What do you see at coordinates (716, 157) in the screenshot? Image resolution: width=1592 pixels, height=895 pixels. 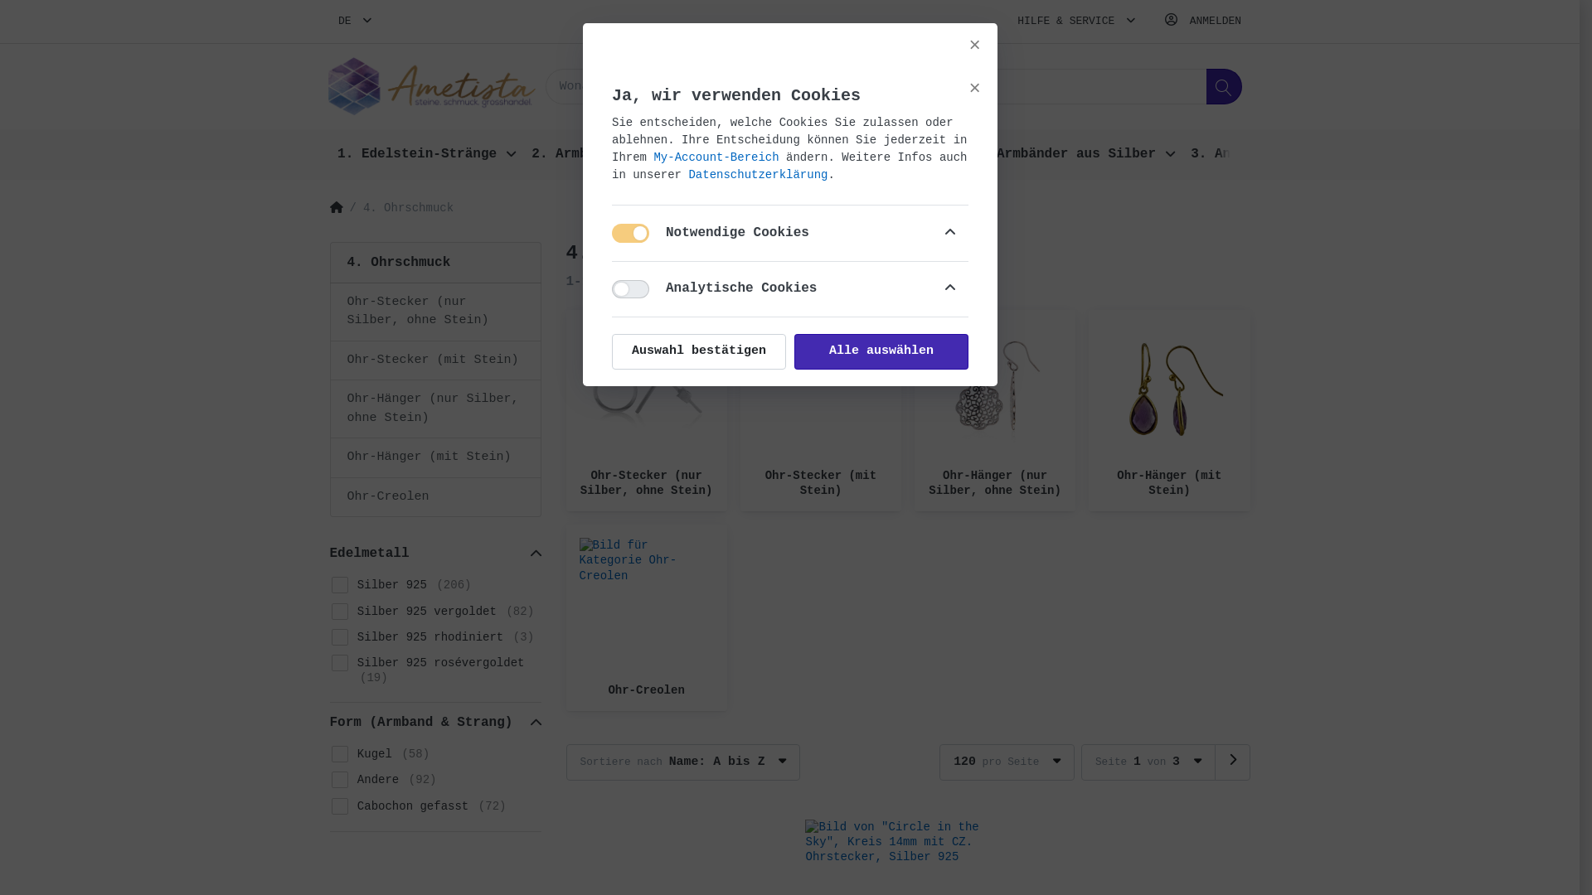 I see `'My-Account-Bereich'` at bounding box center [716, 157].